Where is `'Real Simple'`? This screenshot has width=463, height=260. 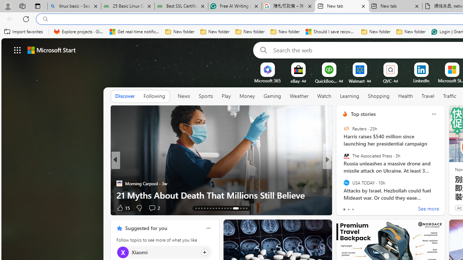
'Real Simple' is located at coordinates (341, 183).